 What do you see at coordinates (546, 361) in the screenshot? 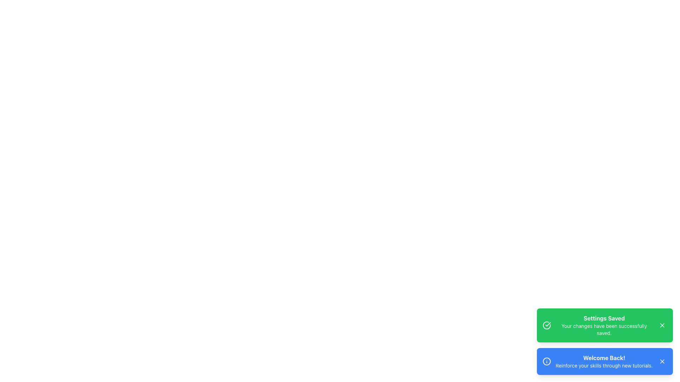
I see `the circular information icon styled in white against a blue background, located on the left side of the card with the text 'Welcome Back! Reinforce your skills through new tutorials.'` at bounding box center [546, 361].